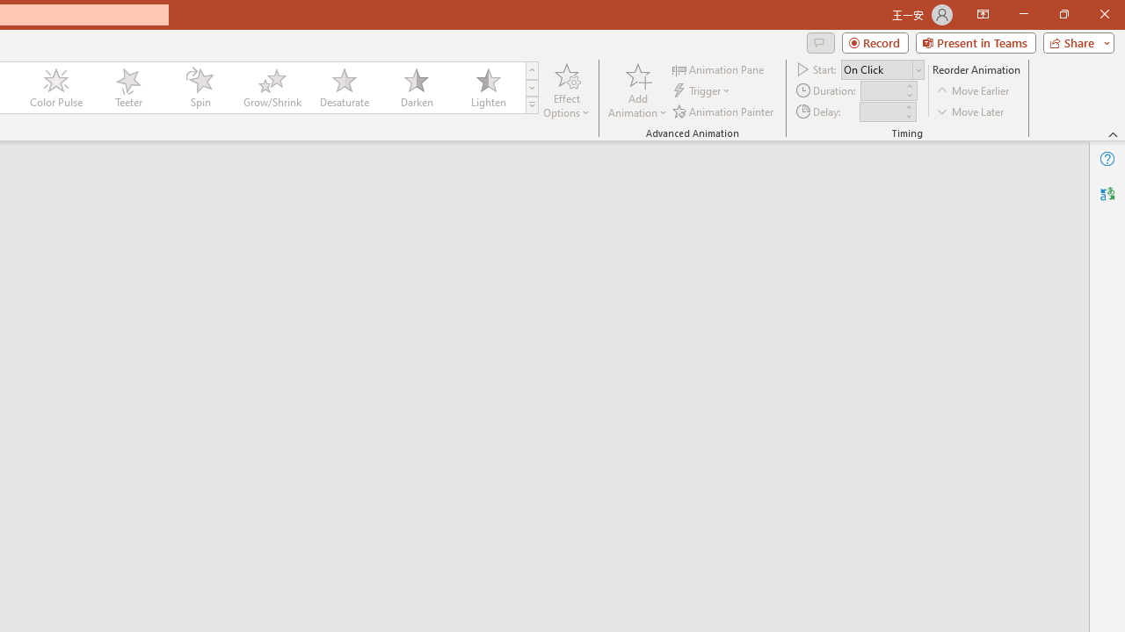 The image size is (1125, 632). I want to click on 'Move Earlier', so click(972, 90).